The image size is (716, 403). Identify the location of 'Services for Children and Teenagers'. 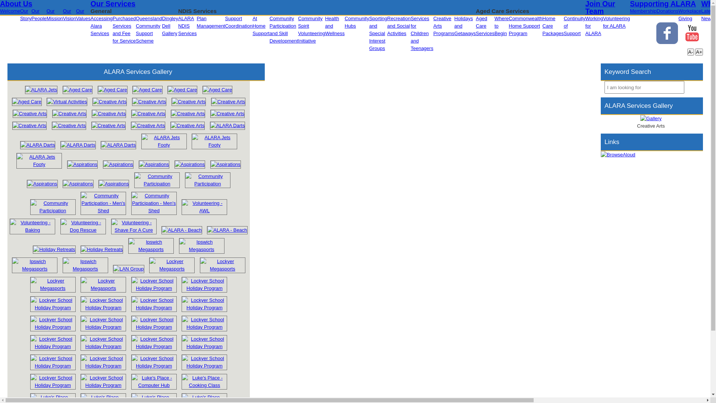
(422, 33).